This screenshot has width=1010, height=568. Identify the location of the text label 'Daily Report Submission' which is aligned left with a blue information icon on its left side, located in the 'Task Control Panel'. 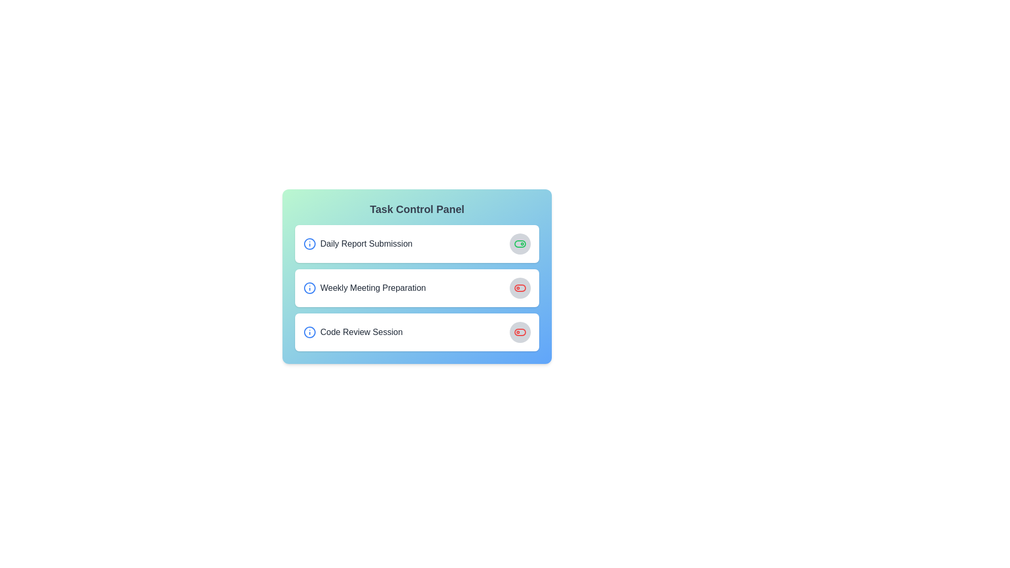
(358, 244).